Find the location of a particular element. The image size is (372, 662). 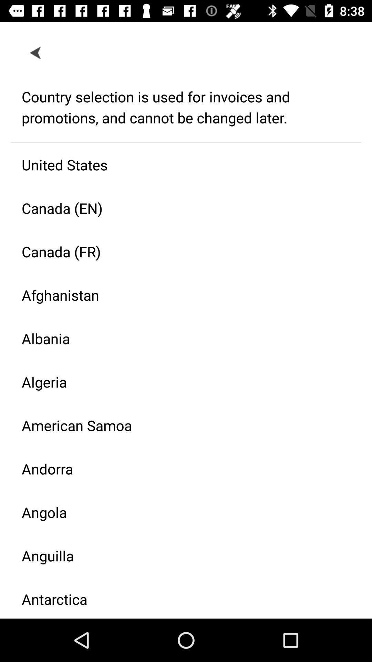

the item below the united states icon is located at coordinates (180, 208).